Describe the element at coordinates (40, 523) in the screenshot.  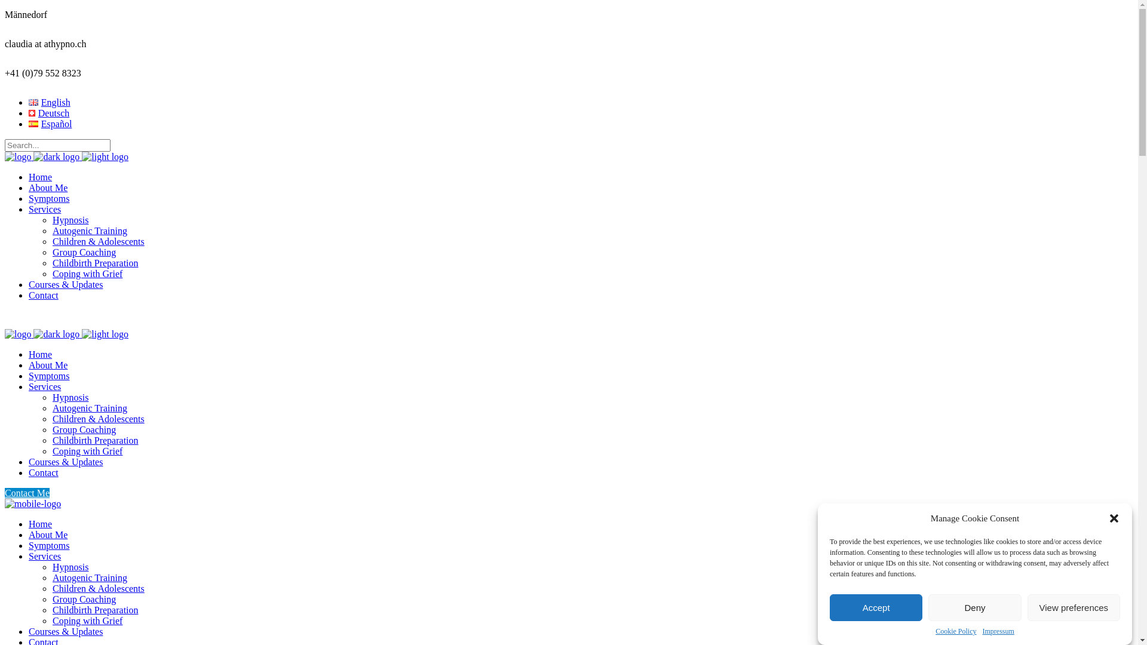
I see `'Home'` at that location.